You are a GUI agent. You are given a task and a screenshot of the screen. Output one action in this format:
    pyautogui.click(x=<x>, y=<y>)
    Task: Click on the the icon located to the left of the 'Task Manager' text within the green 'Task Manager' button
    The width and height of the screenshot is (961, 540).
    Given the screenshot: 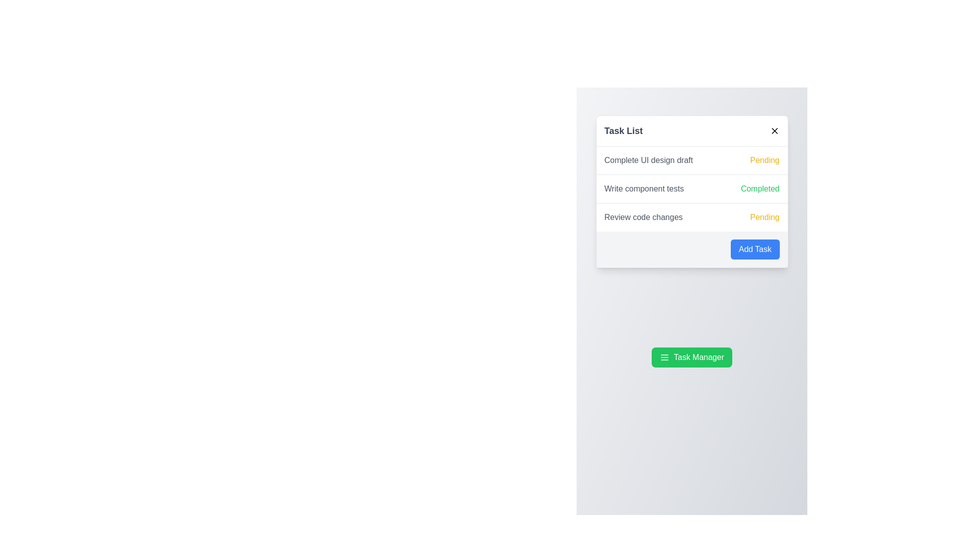 What is the action you would take?
    pyautogui.click(x=665, y=356)
    